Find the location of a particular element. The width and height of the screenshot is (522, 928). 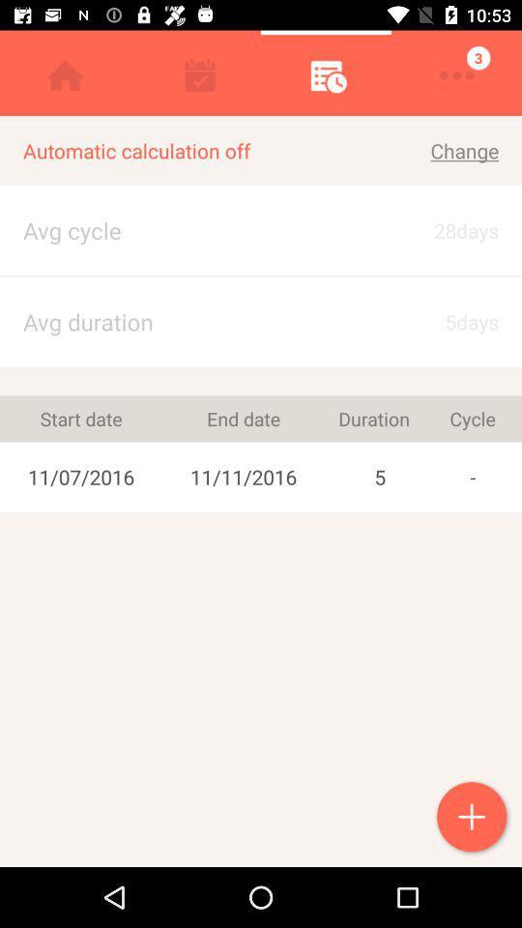

the app to the left of change is located at coordinates (196, 150).